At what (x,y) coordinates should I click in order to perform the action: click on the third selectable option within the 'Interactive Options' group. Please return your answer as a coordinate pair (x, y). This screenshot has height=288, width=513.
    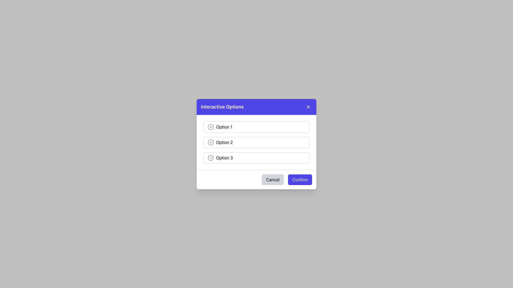
    Looking at the image, I should click on (256, 157).